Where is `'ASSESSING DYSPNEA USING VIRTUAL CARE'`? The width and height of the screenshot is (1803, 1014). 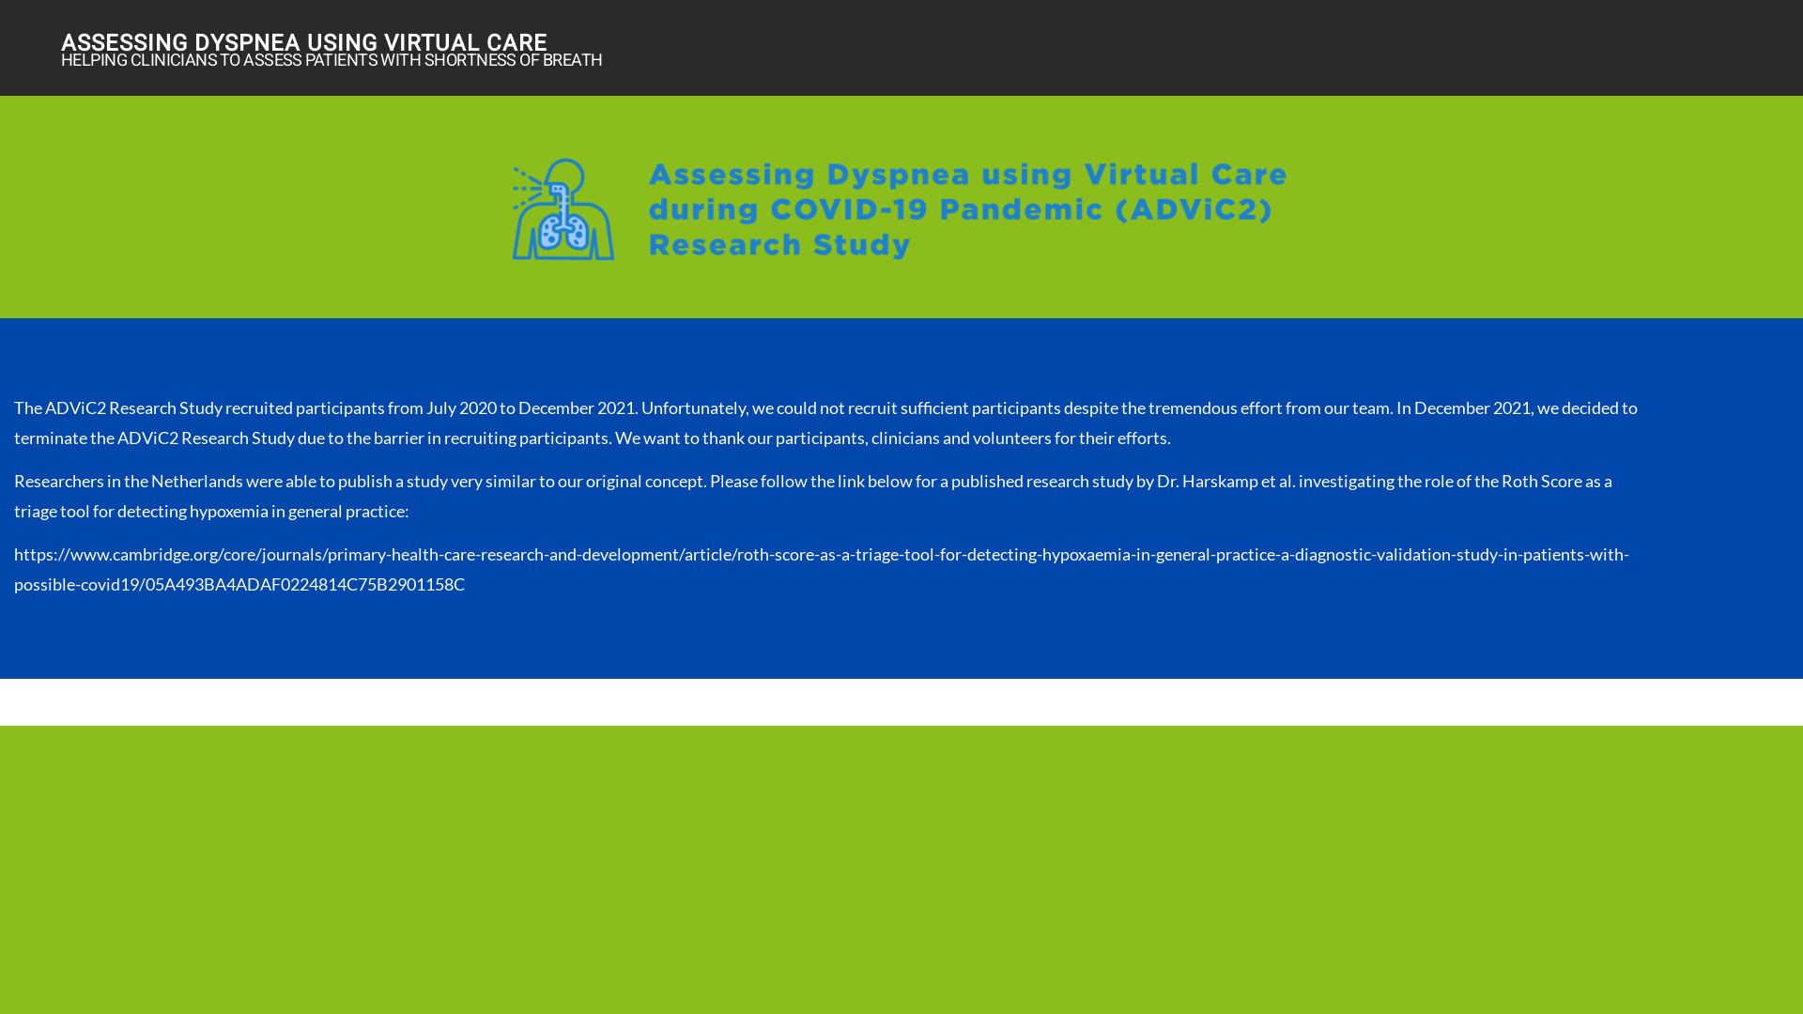 'ASSESSING DYSPNEA USING VIRTUAL CARE' is located at coordinates (304, 42).